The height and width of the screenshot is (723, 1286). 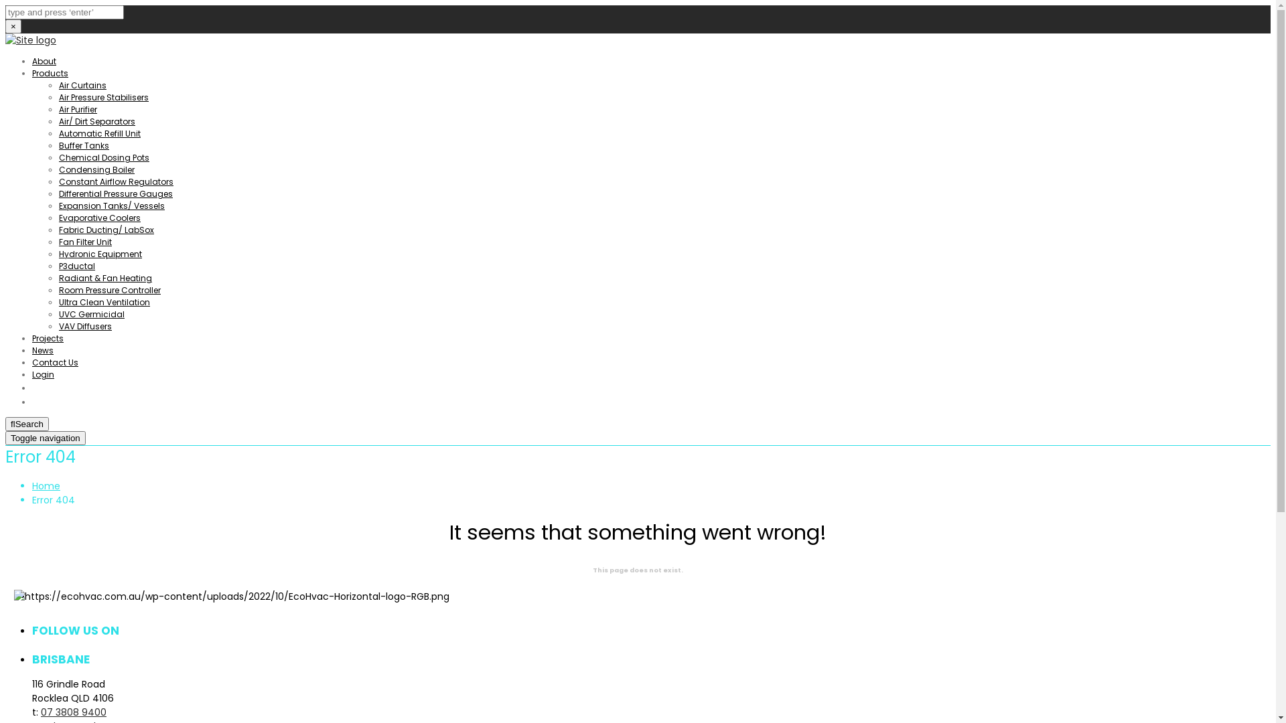 What do you see at coordinates (91, 314) in the screenshot?
I see `'UVC Germicidal'` at bounding box center [91, 314].